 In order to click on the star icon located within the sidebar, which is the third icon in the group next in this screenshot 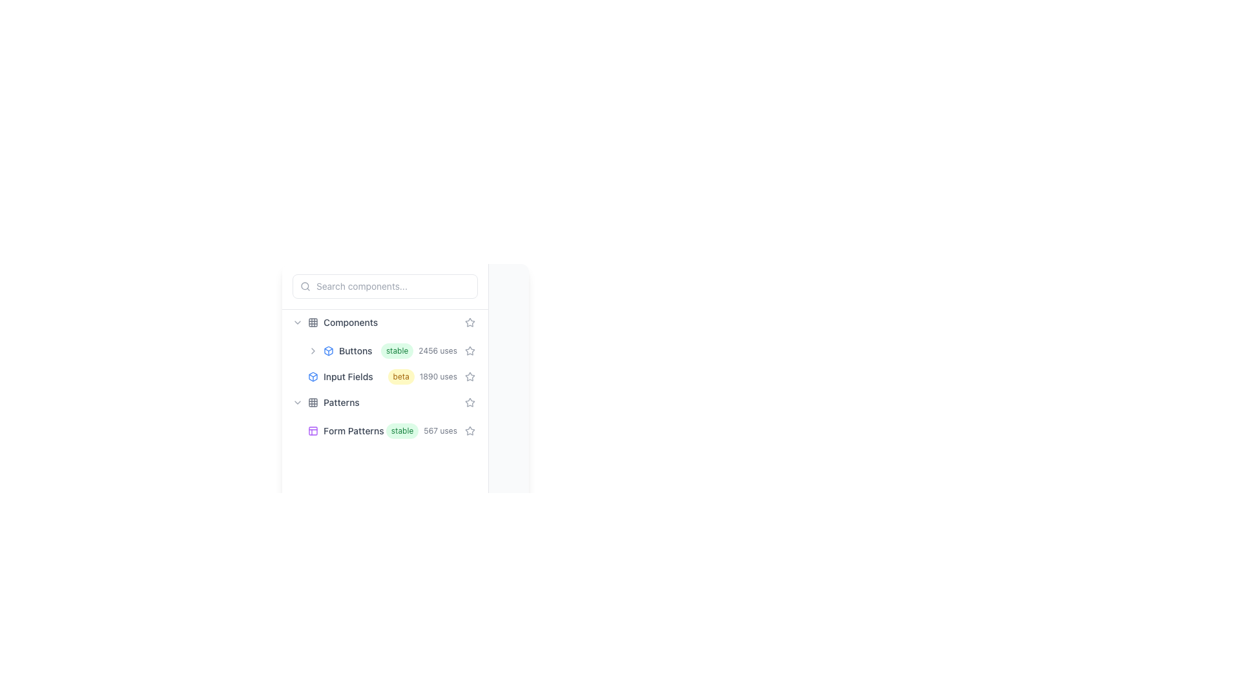, I will do `click(470, 401)`.